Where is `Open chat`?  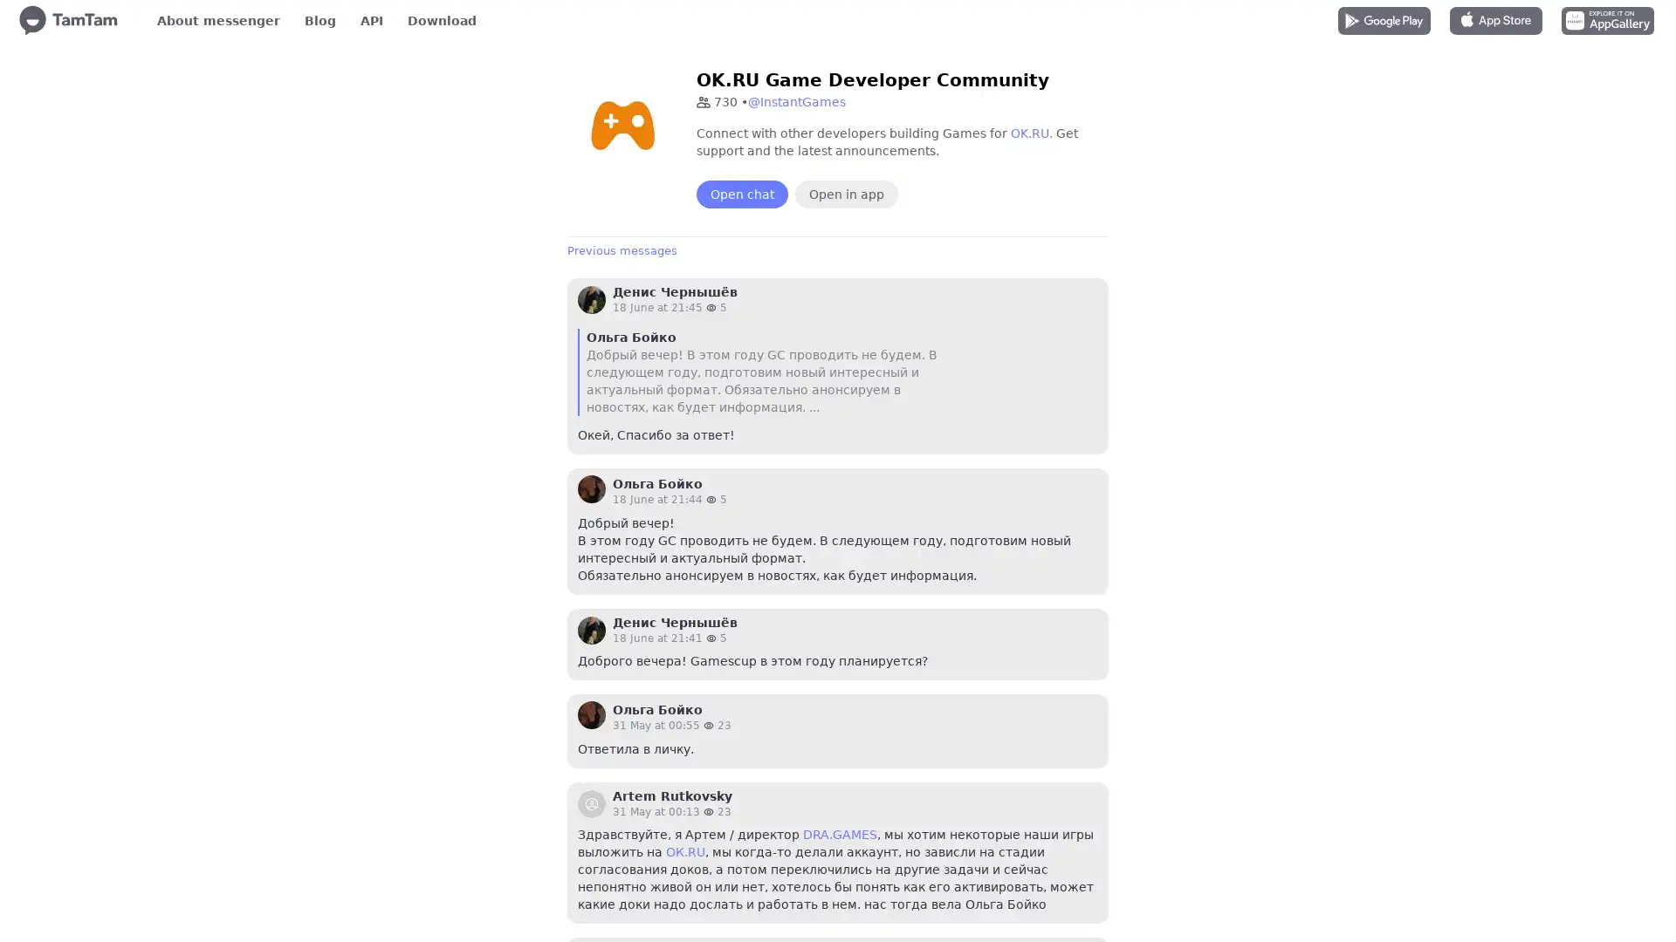
Open chat is located at coordinates (742, 195).